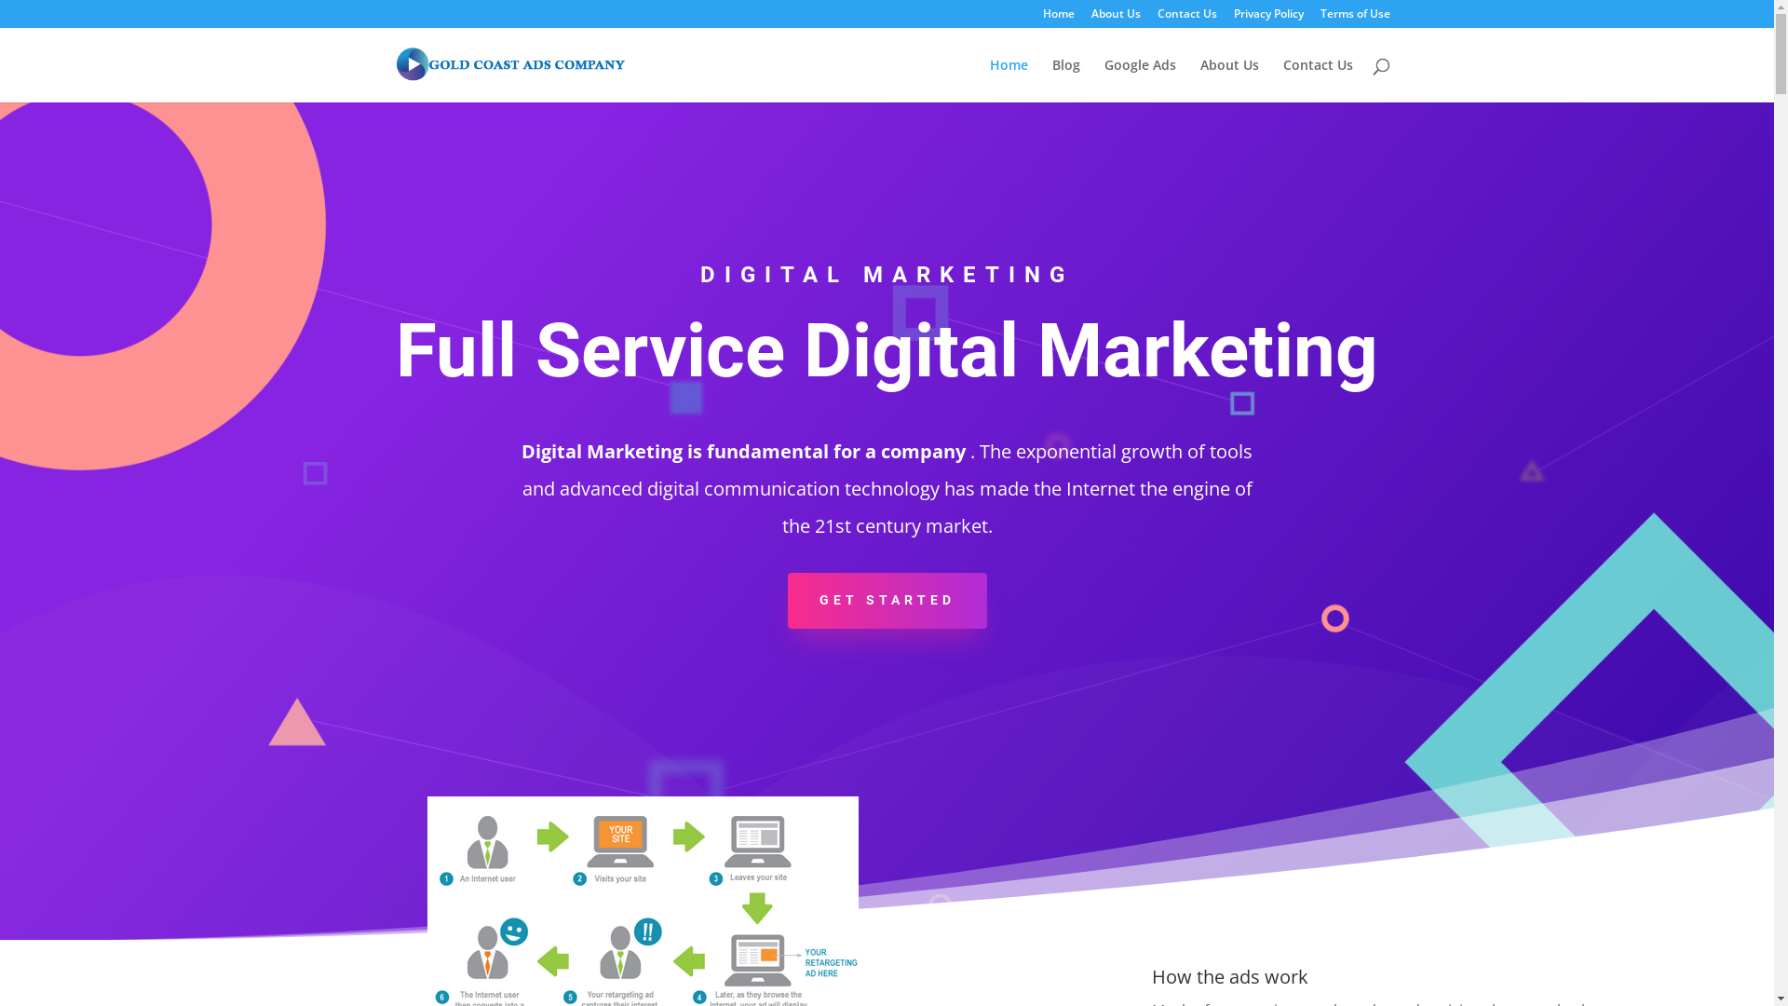 The image size is (1788, 1006). What do you see at coordinates (1090, 18) in the screenshot?
I see `'About Us'` at bounding box center [1090, 18].